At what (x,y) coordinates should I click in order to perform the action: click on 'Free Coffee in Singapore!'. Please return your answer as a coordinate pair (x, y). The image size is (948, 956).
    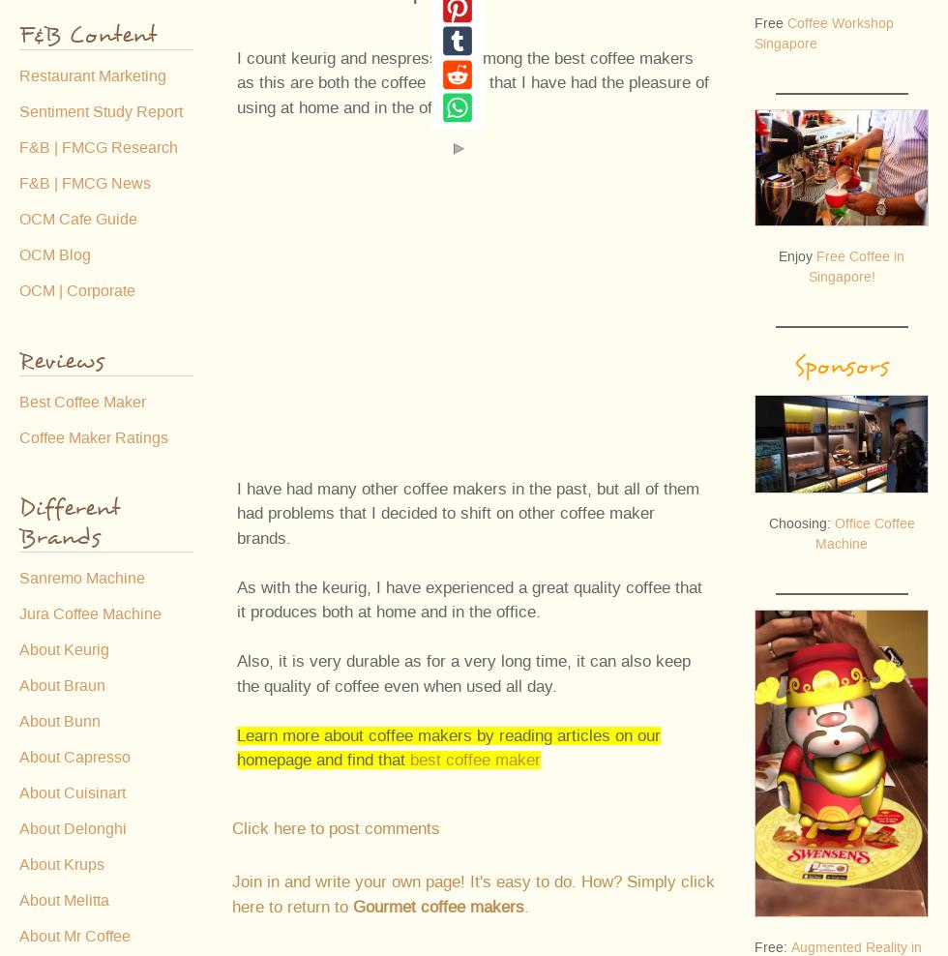
    Looking at the image, I should click on (856, 264).